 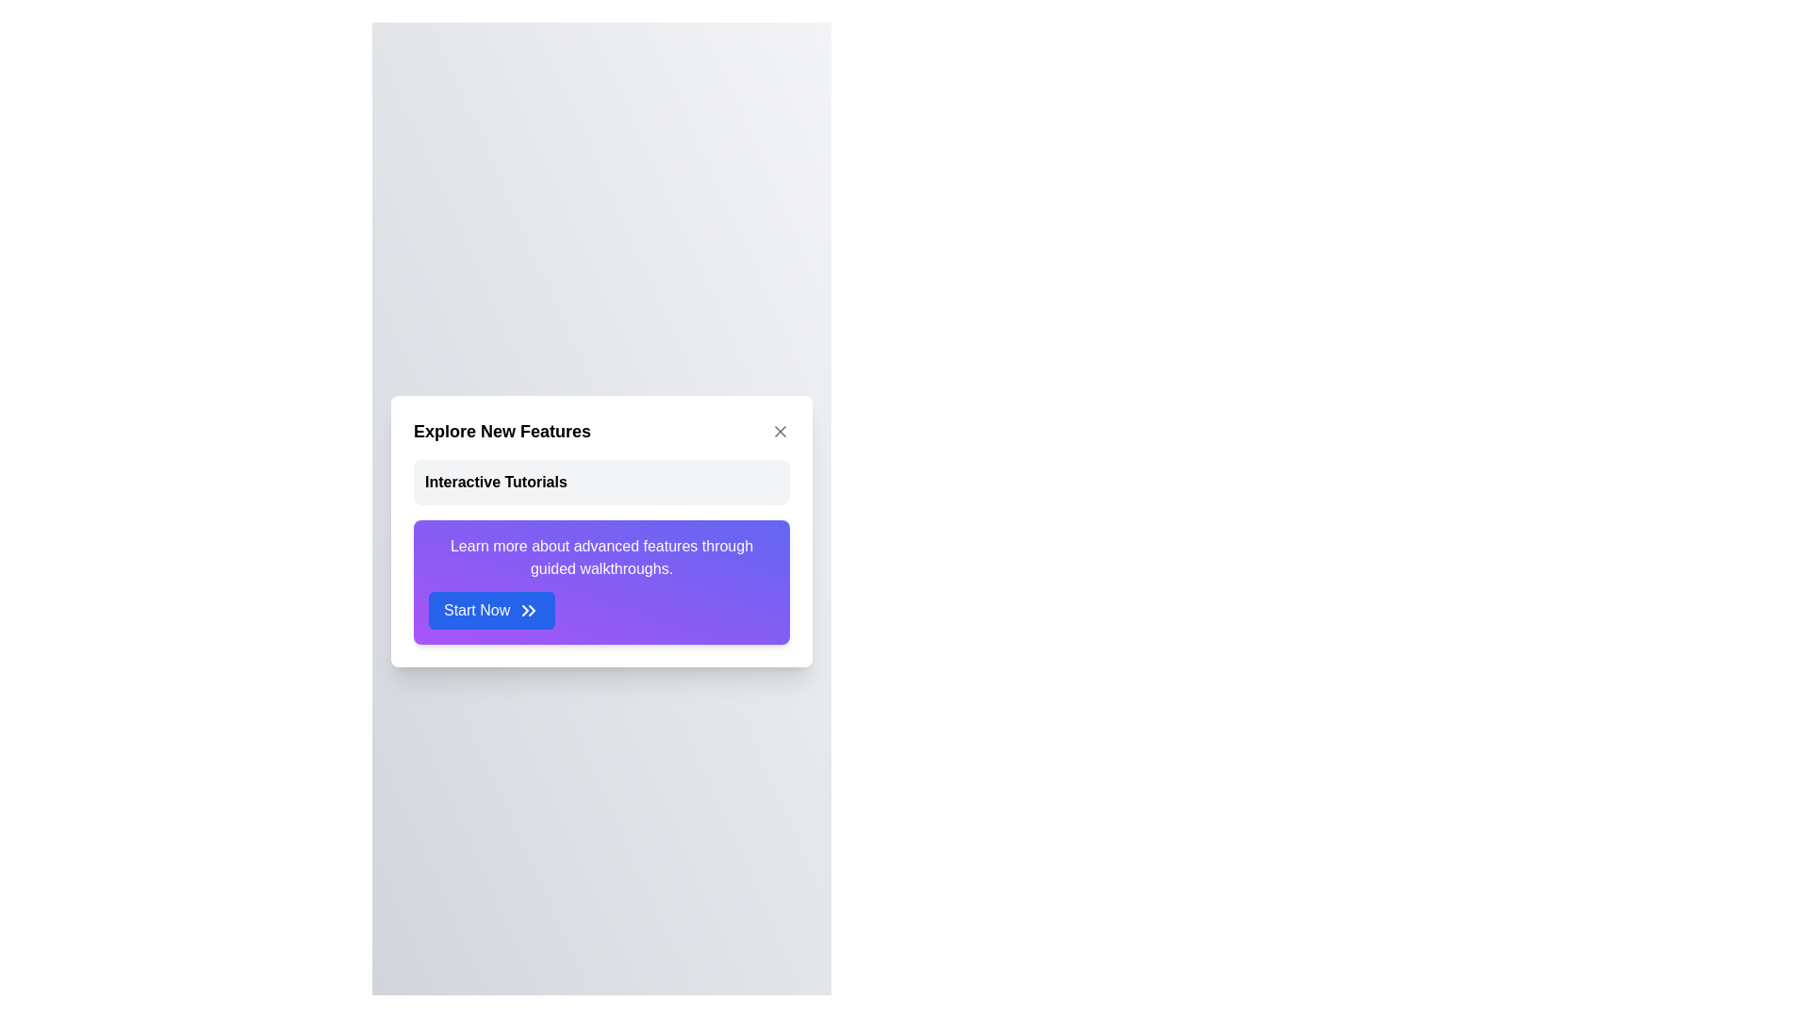 I want to click on the second right-pointing chevron arrow icon located at the bottom right corner of the 'Start Now' button within a purple panel, so click(x=531, y=611).